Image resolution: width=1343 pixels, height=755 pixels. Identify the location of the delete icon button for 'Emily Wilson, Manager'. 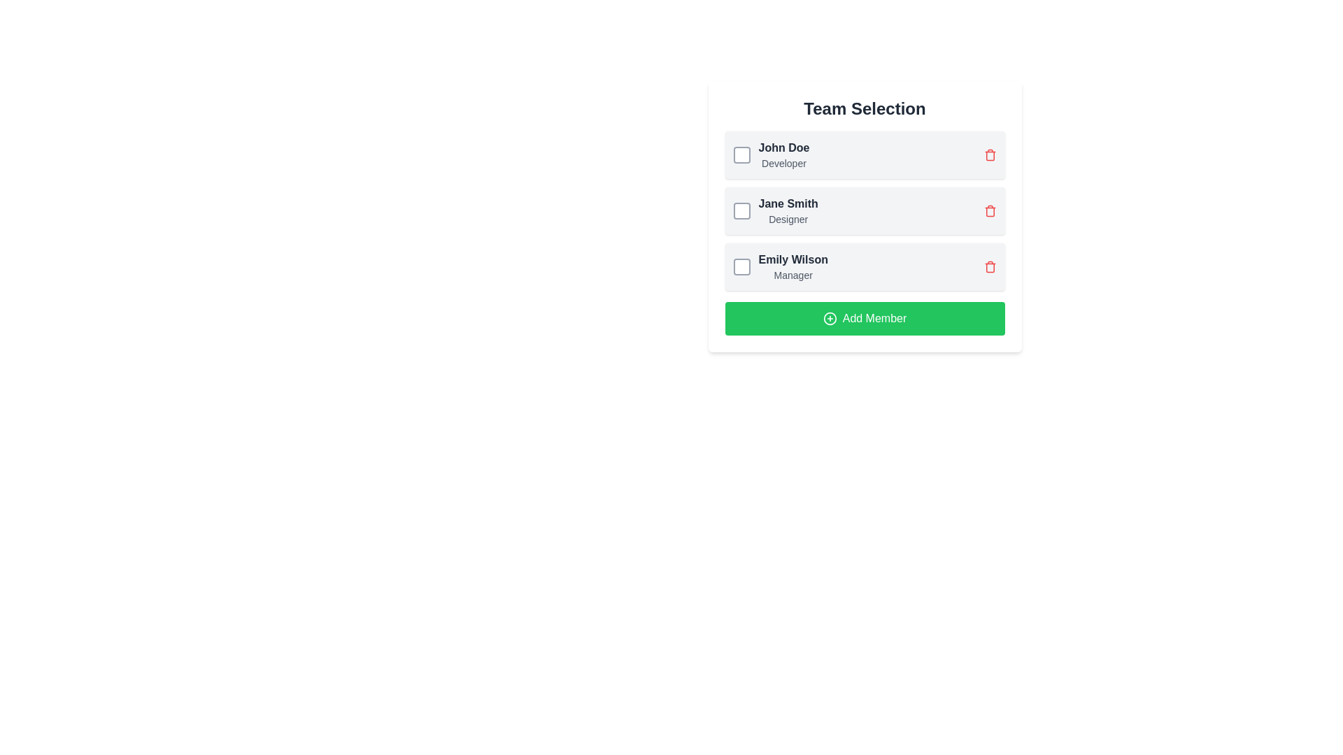
(989, 266).